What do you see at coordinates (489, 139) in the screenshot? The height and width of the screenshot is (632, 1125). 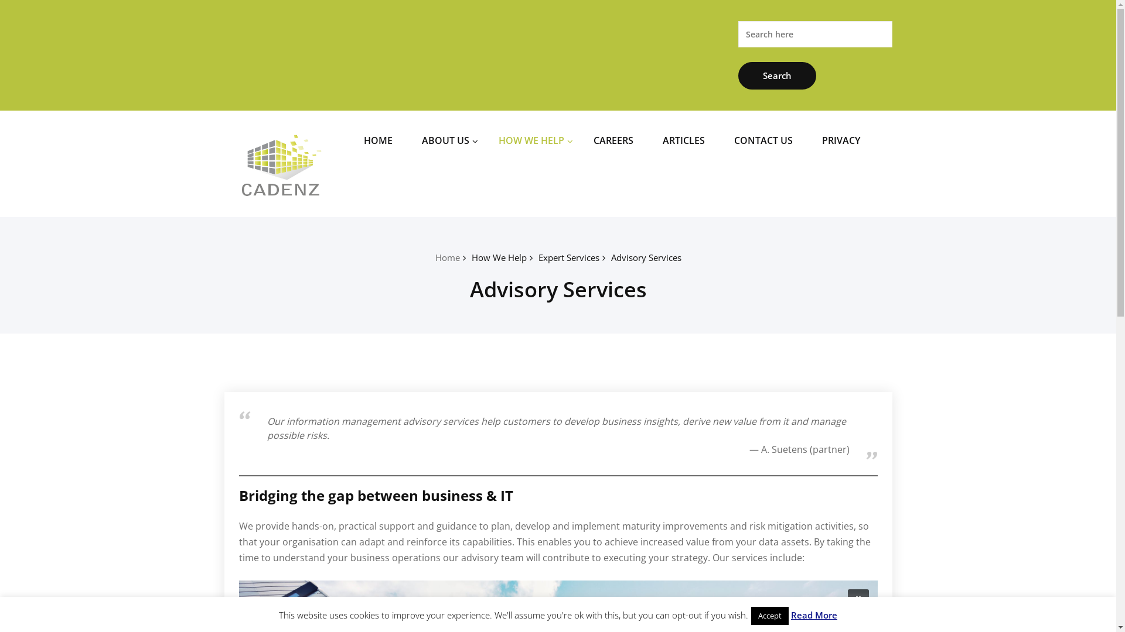 I see `'HOW WE HELP'` at bounding box center [489, 139].